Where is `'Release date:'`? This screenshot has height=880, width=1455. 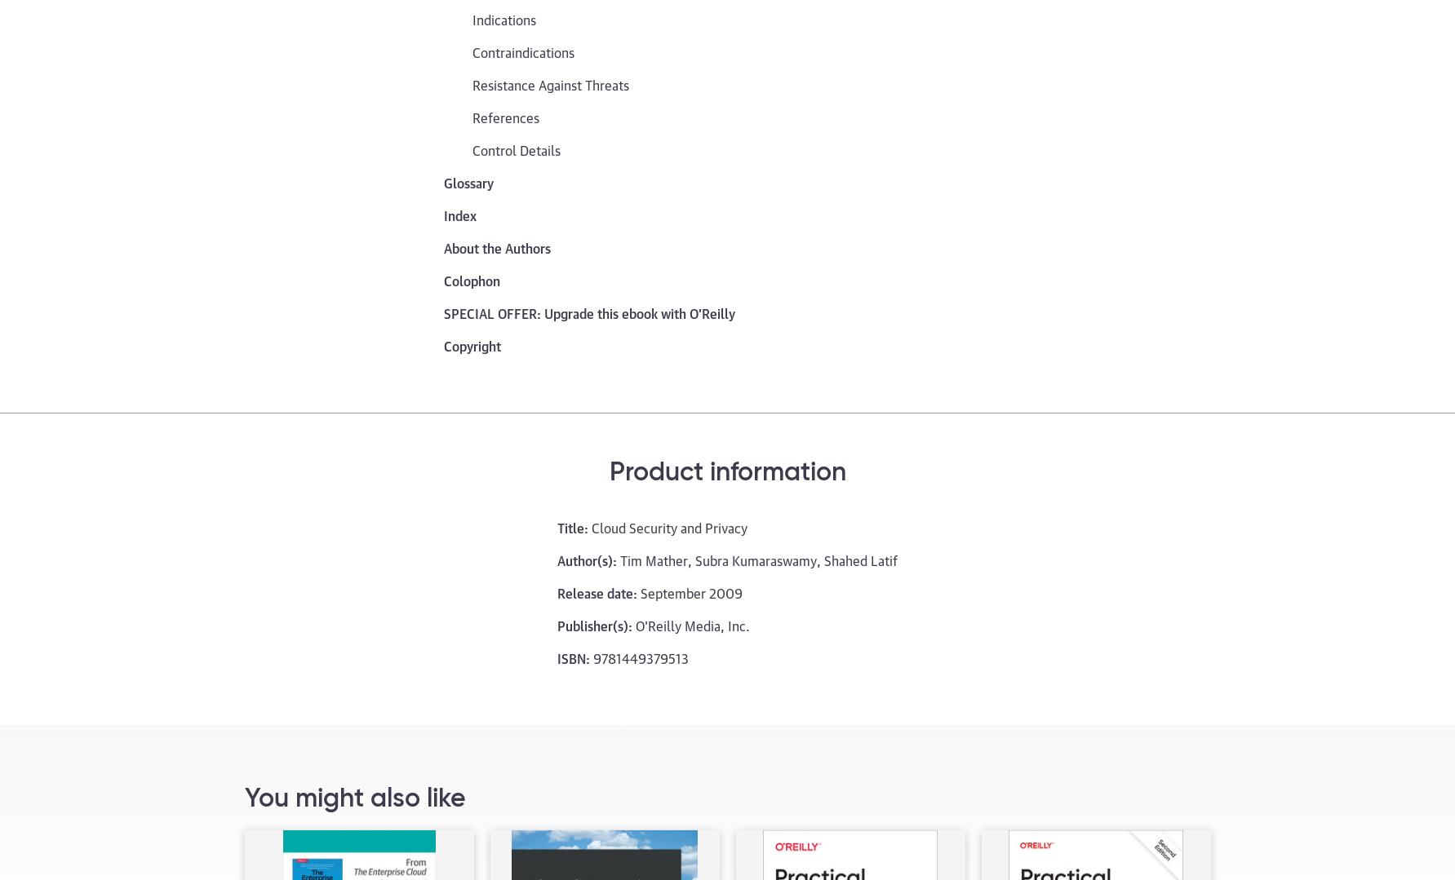 'Release date:' is located at coordinates (596, 590).